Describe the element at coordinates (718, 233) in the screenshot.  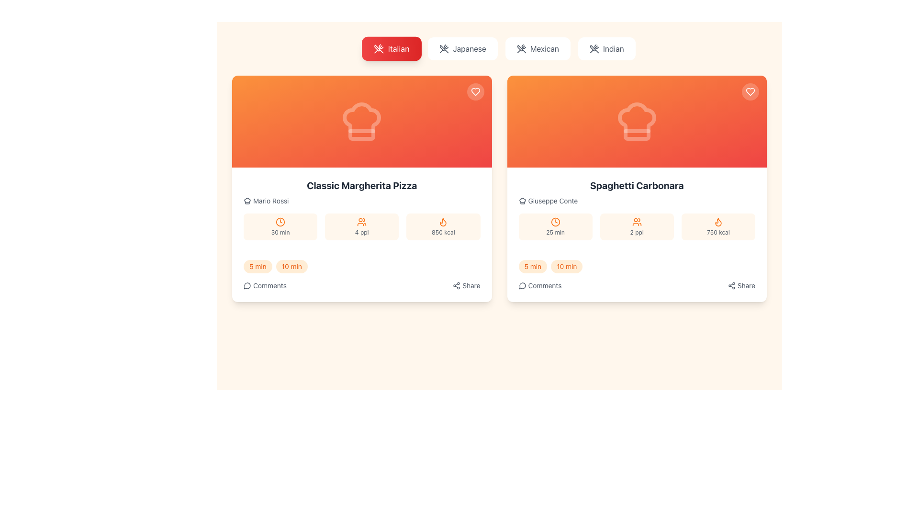
I see `the static textual label displaying '750 kcal' in gray font, located in the bottom right section of the 'Spaghetti Carbonara' card, directly below the flame icon` at that location.